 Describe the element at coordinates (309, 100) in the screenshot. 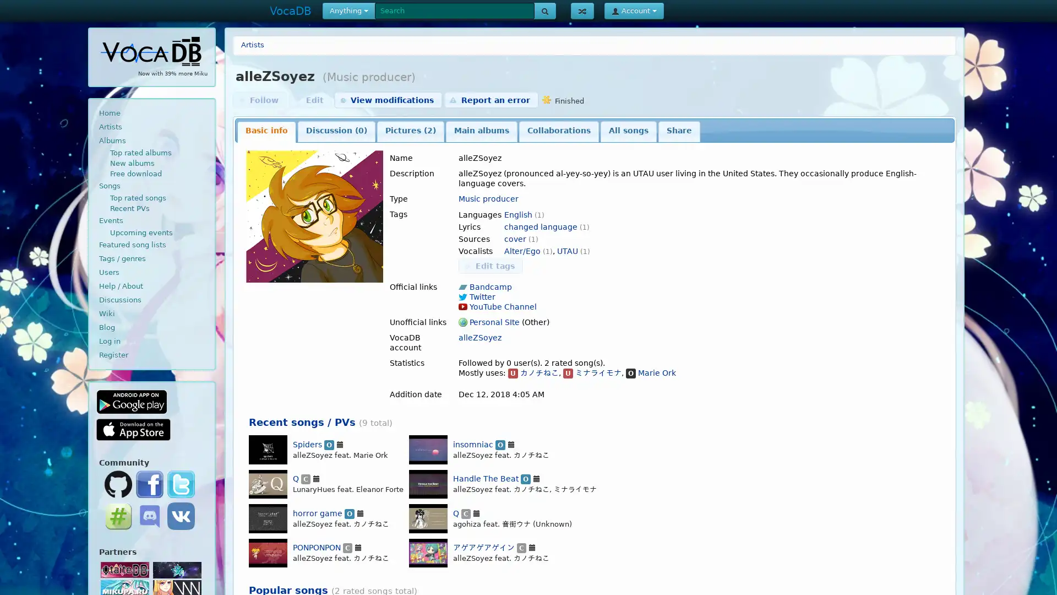

I see `Edit` at that location.